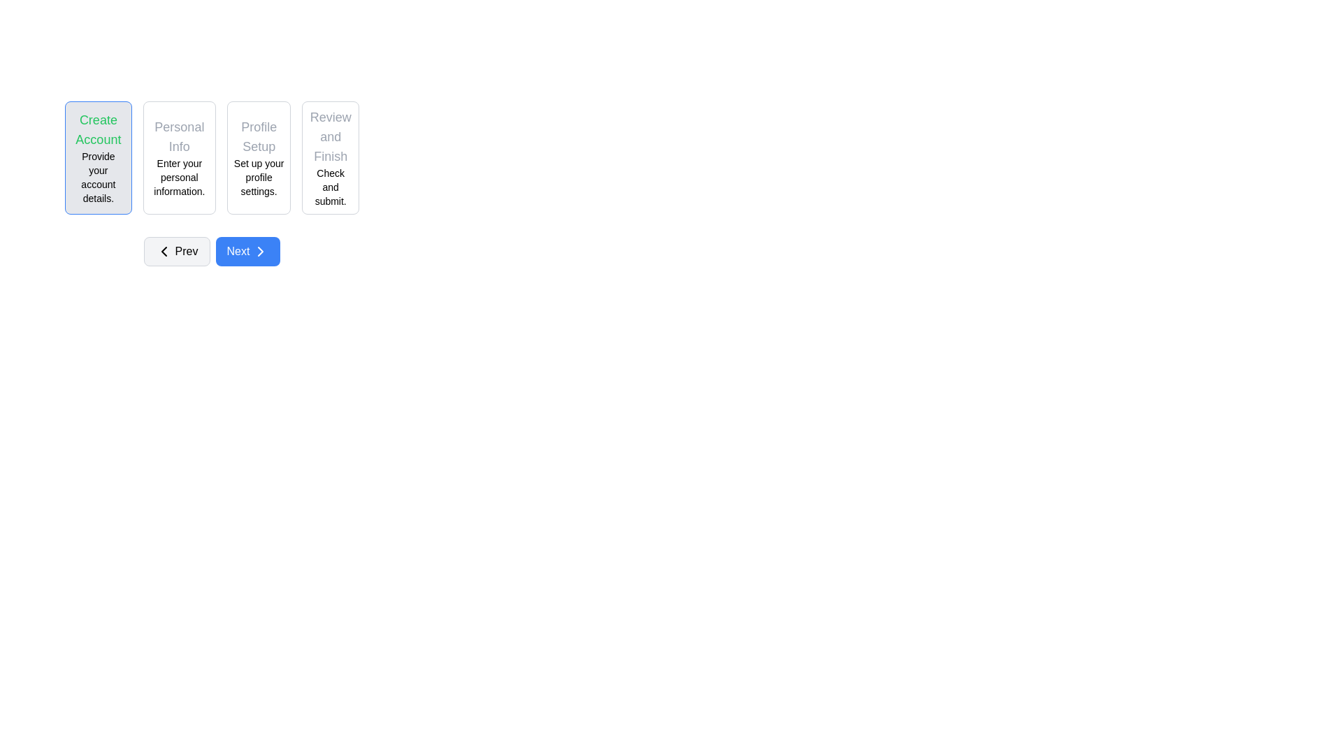 The width and height of the screenshot is (1342, 755). Describe the element at coordinates (178, 177) in the screenshot. I see `the text label that provides instructions for entering personal information, positioned below the 'Personal Info' text within the second step navigation card` at that location.